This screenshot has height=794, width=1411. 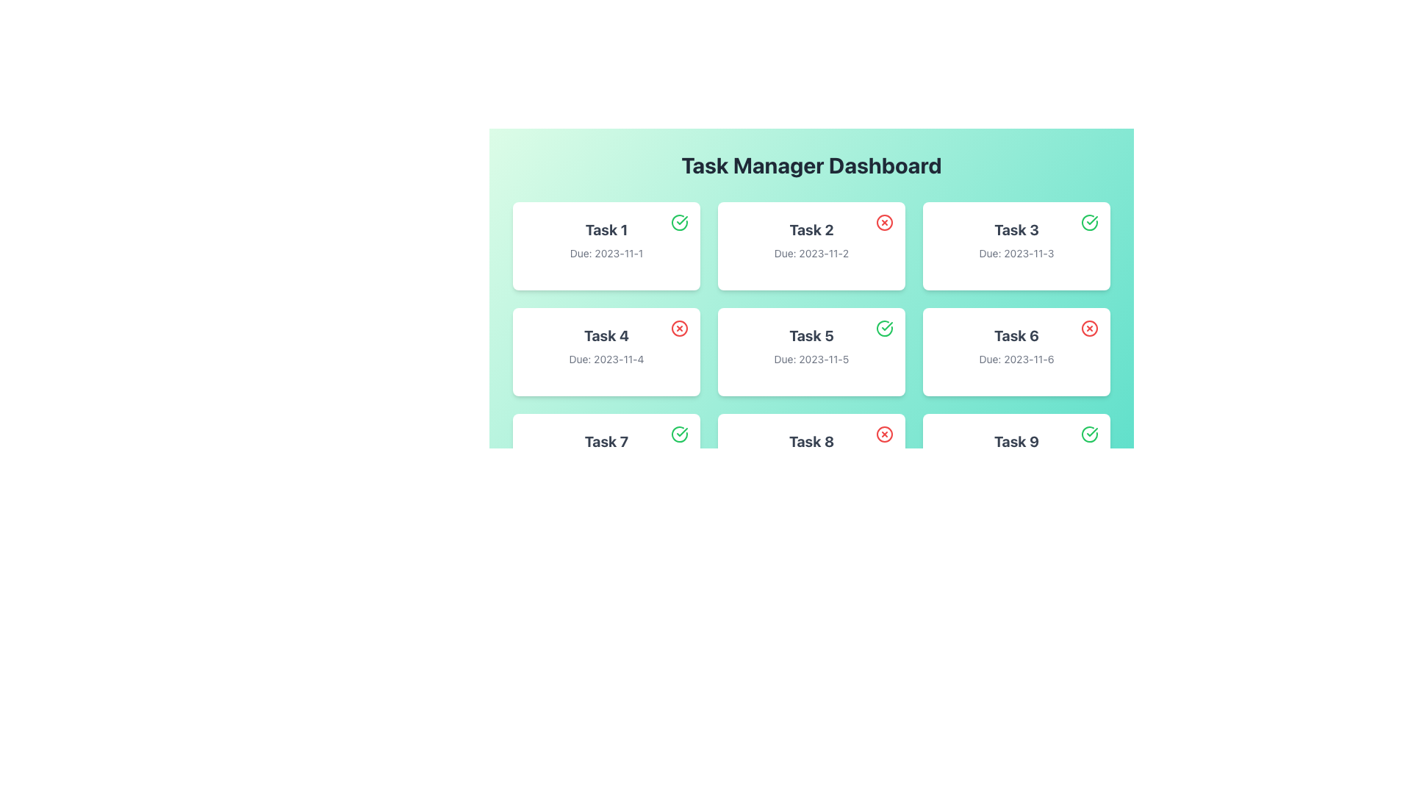 What do you see at coordinates (811, 351) in the screenshot?
I see `the task item card located in the second row and second column of the task management dashboard, which displays the task title, due date, and completion status indicator` at bounding box center [811, 351].